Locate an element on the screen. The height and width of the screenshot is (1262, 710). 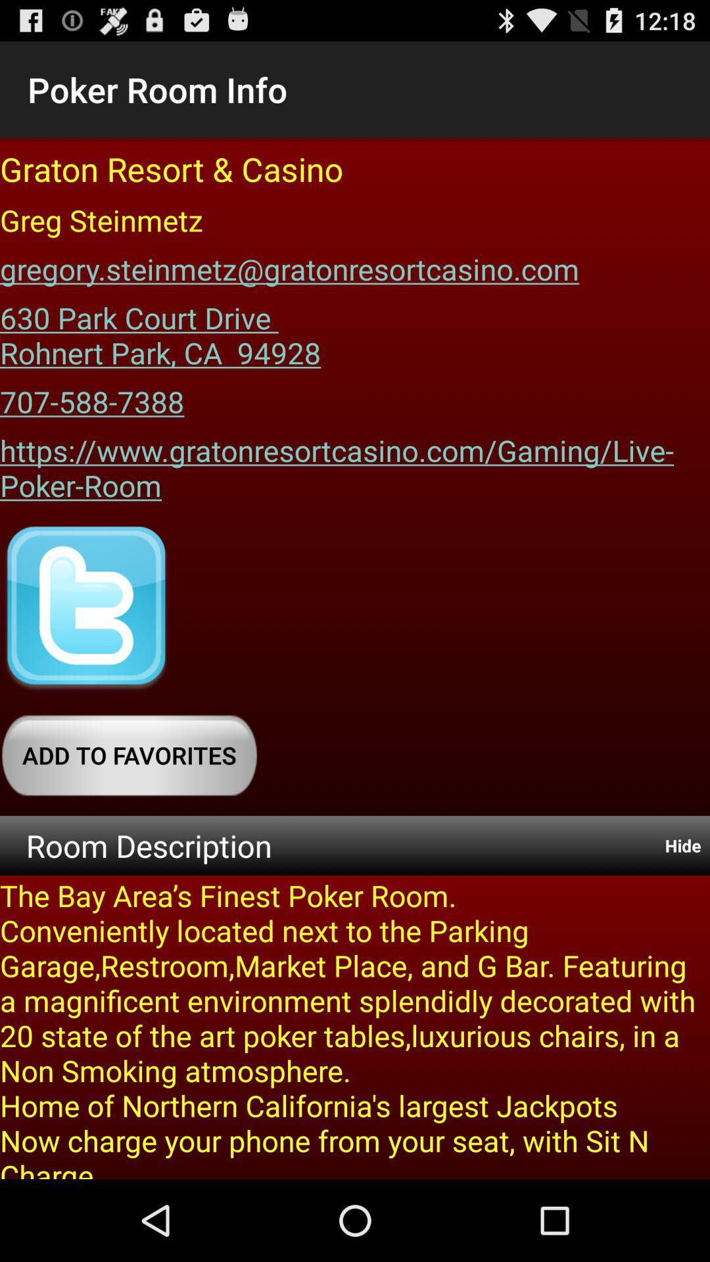
707-588-7388 app is located at coordinates (91, 396).